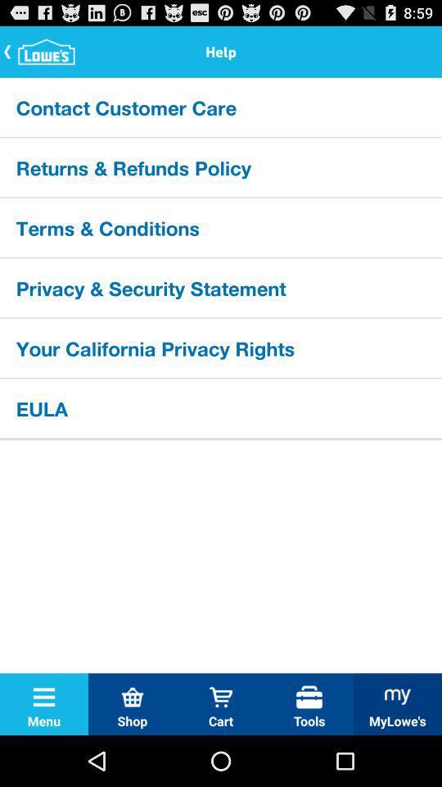  Describe the element at coordinates (397, 696) in the screenshot. I see `the last icon in the bottom right corner` at that location.